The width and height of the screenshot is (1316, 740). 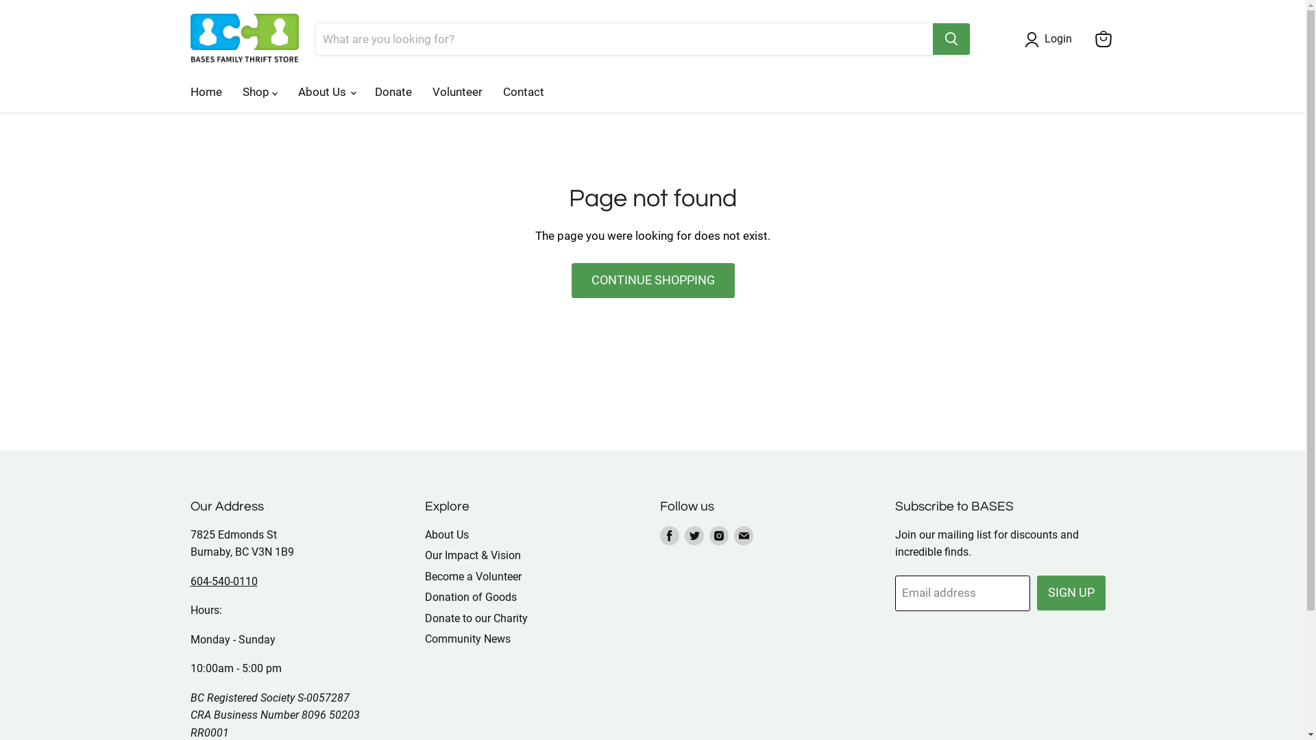 What do you see at coordinates (325, 92) in the screenshot?
I see `'About Us'` at bounding box center [325, 92].